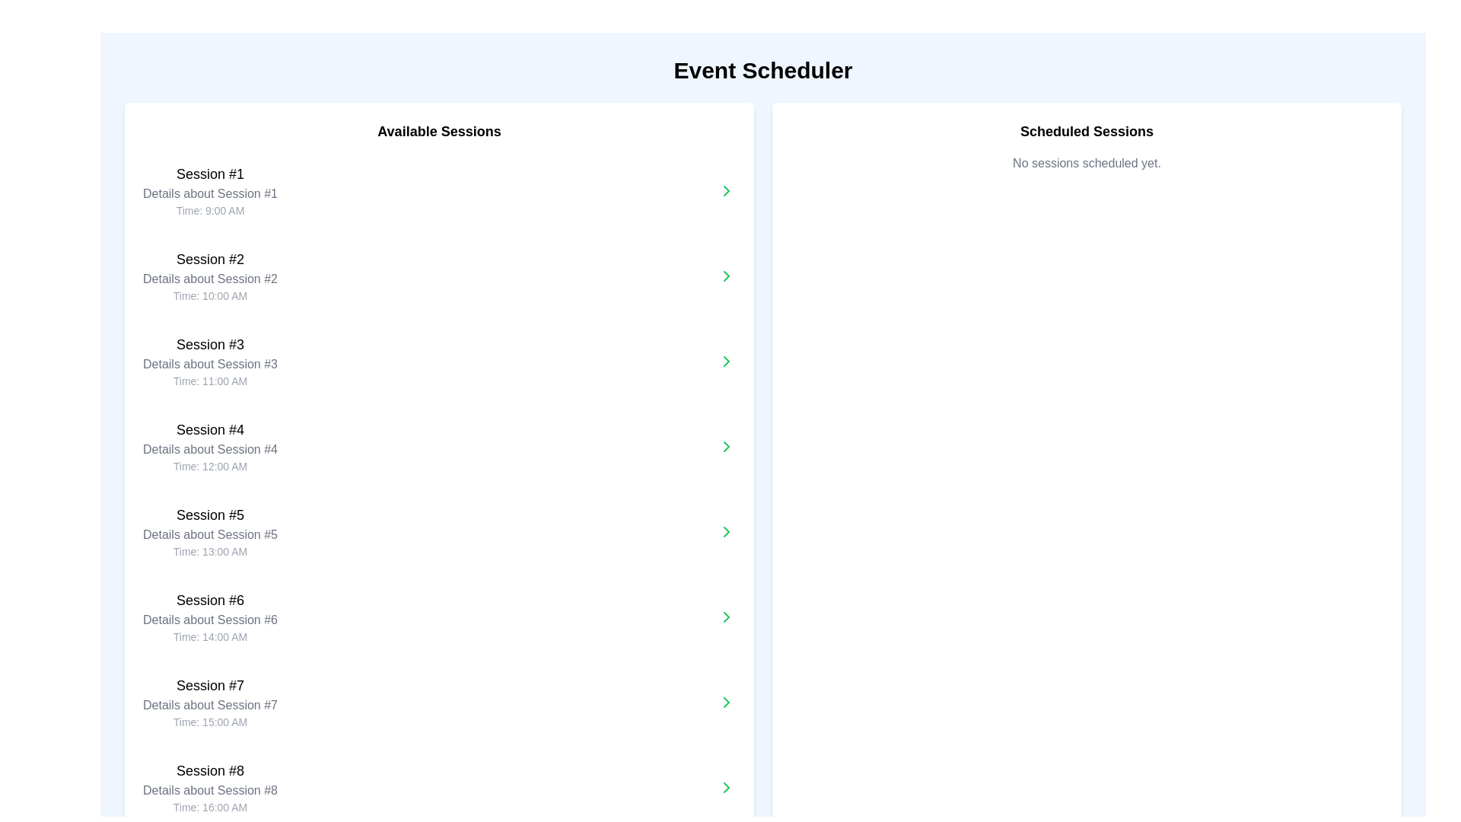 Image resolution: width=1461 pixels, height=822 pixels. I want to click on the green right-pointing chevron icon corresponding to 'Session #8' in the 'Available Sessions' section, so click(726, 787).